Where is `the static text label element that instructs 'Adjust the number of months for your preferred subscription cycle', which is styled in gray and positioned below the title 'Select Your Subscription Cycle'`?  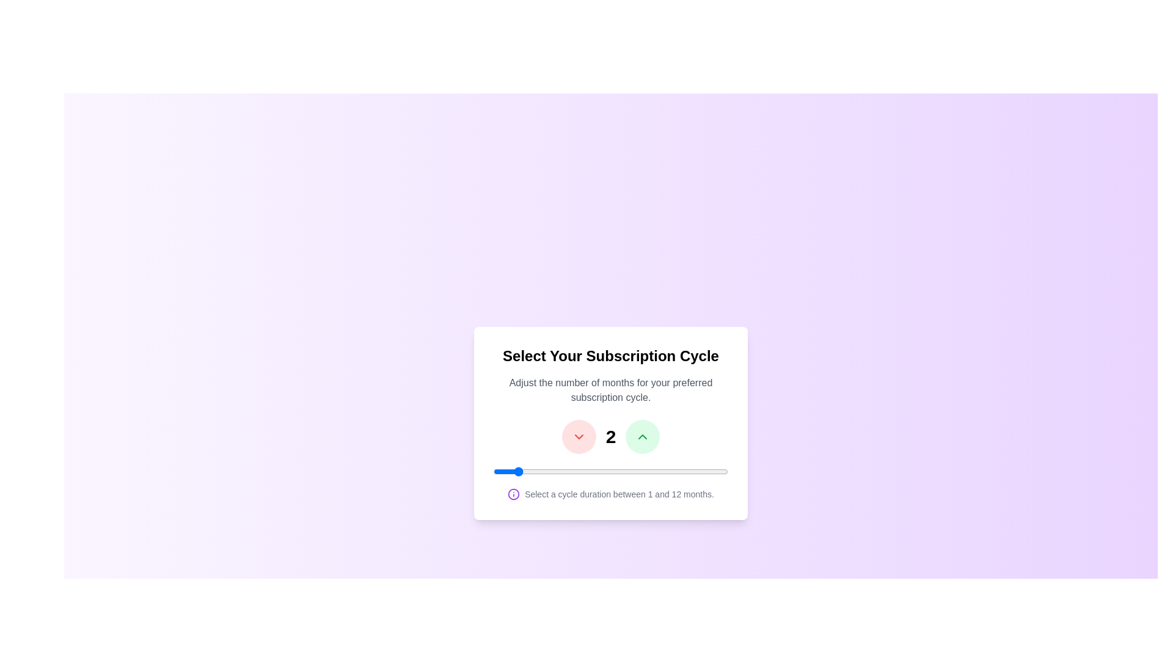
the static text label element that instructs 'Adjust the number of months for your preferred subscription cycle', which is styled in gray and positioned below the title 'Select Your Subscription Cycle' is located at coordinates (610, 391).